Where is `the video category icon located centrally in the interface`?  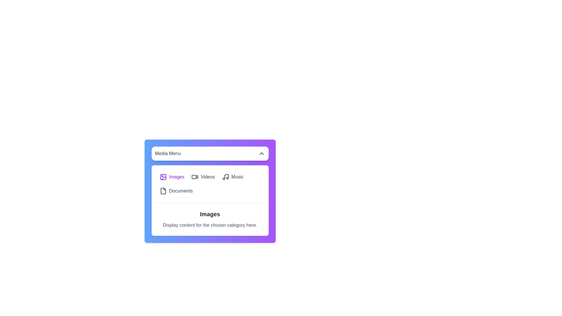 the video category icon located centrally in the interface is located at coordinates (194, 177).